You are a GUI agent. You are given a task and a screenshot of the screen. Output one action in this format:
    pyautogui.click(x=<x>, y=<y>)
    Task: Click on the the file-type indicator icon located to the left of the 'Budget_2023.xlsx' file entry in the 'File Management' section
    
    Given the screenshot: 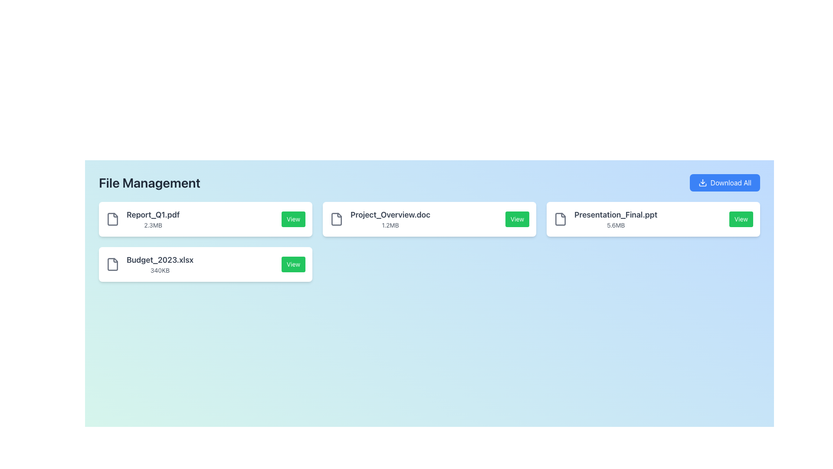 What is the action you would take?
    pyautogui.click(x=112, y=264)
    